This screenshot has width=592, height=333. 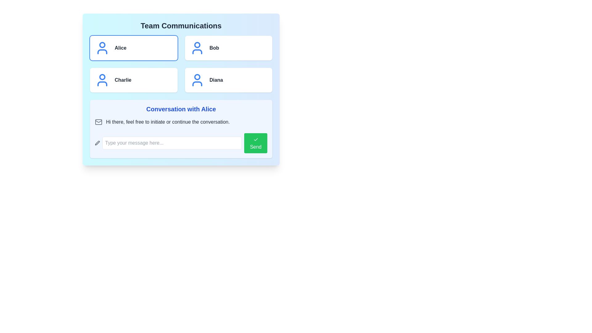 I want to click on the torso portion of the user icon representing Alice, located in the upper left quadrant of the interface, so click(x=102, y=51).